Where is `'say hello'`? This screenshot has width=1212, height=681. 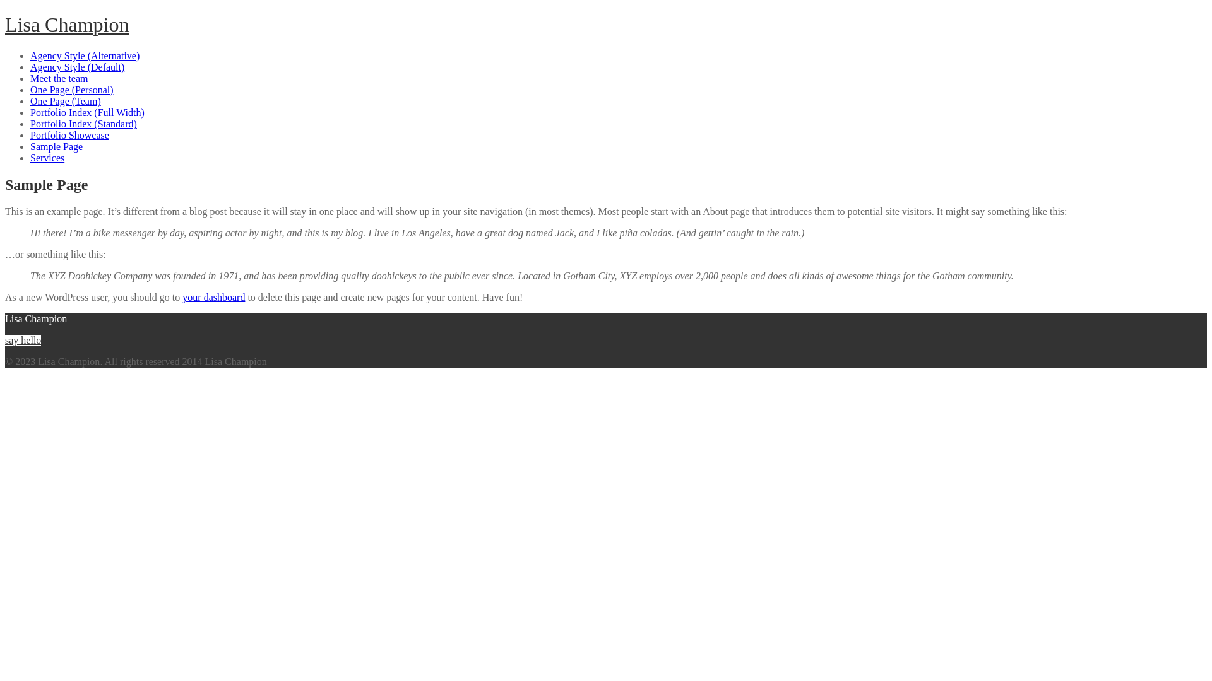
'say hello' is located at coordinates (23, 339).